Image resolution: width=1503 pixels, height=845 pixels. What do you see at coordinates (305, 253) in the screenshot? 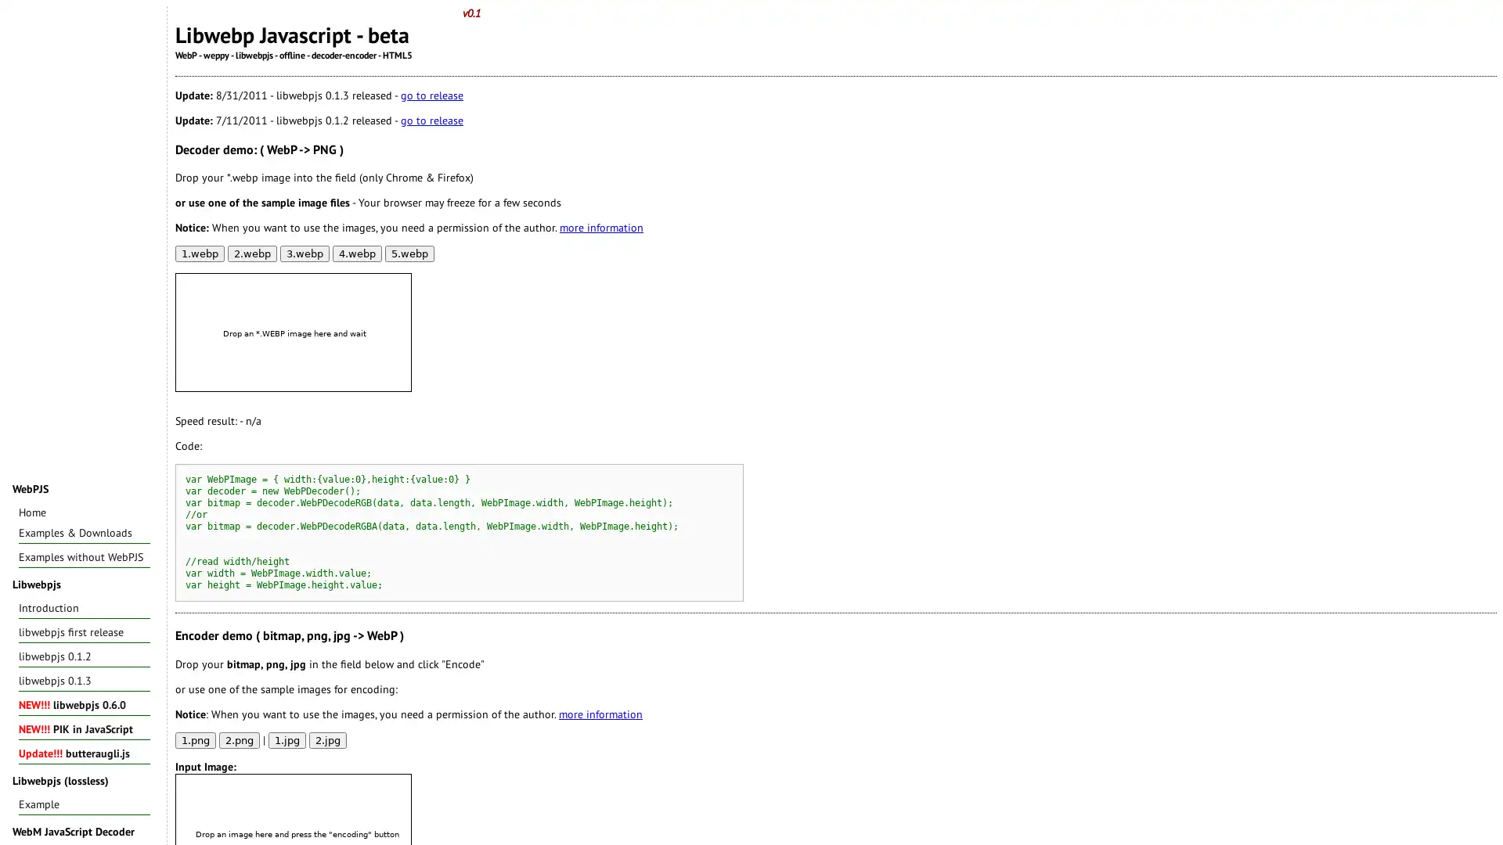
I see `3.webp` at bounding box center [305, 253].